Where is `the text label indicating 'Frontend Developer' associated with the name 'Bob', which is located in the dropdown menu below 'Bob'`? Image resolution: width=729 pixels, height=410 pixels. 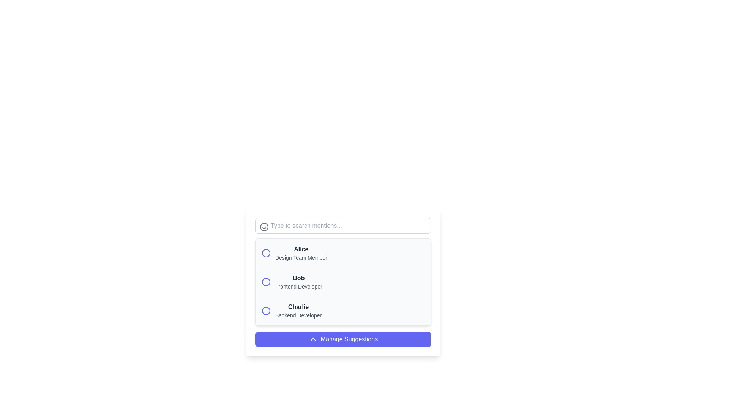
the text label indicating 'Frontend Developer' associated with the name 'Bob', which is located in the dropdown menu below 'Bob' is located at coordinates (298, 287).